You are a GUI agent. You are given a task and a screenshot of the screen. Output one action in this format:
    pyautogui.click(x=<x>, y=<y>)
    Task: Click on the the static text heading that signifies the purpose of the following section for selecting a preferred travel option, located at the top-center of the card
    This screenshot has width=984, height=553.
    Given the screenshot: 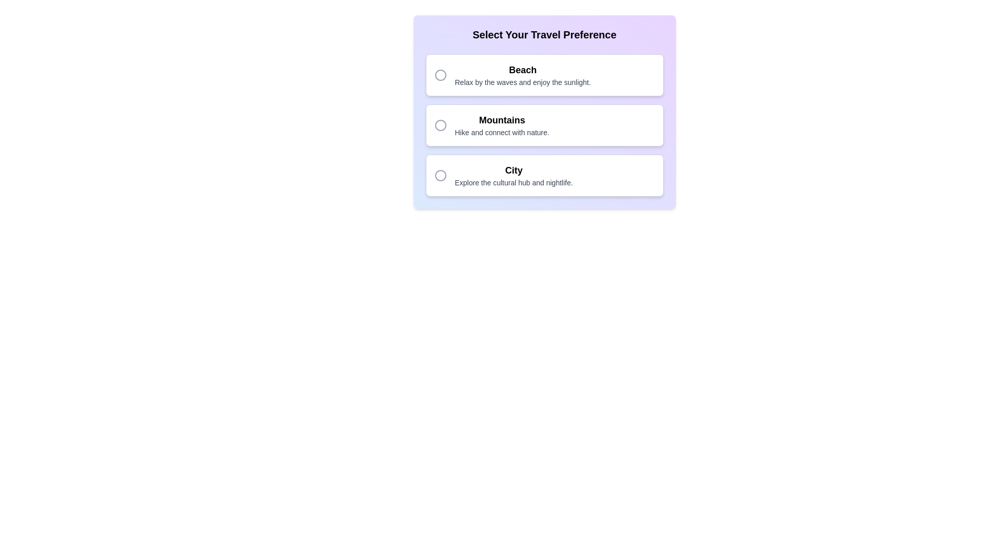 What is the action you would take?
    pyautogui.click(x=544, y=34)
    